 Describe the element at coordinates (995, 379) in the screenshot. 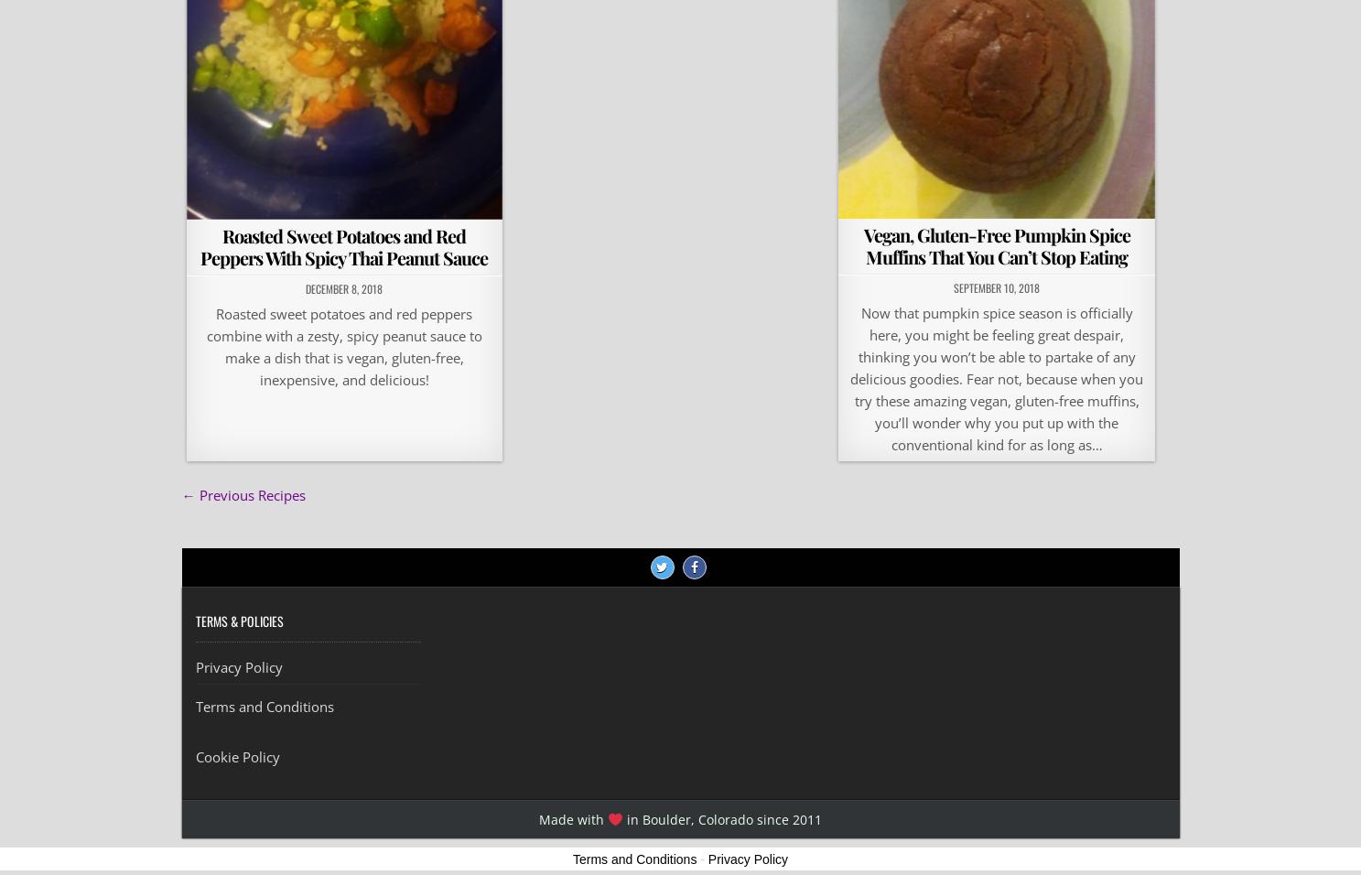

I see `'Now that pumpkin spice season is officially here, you might be feeling great despair, thinking you won’t be able to partake of any delicious goodies. Fear not, because when you try these amazing vegan, gluten-free muffins, you’ll wonder why you put up with the conventional kind for as long as…'` at that location.